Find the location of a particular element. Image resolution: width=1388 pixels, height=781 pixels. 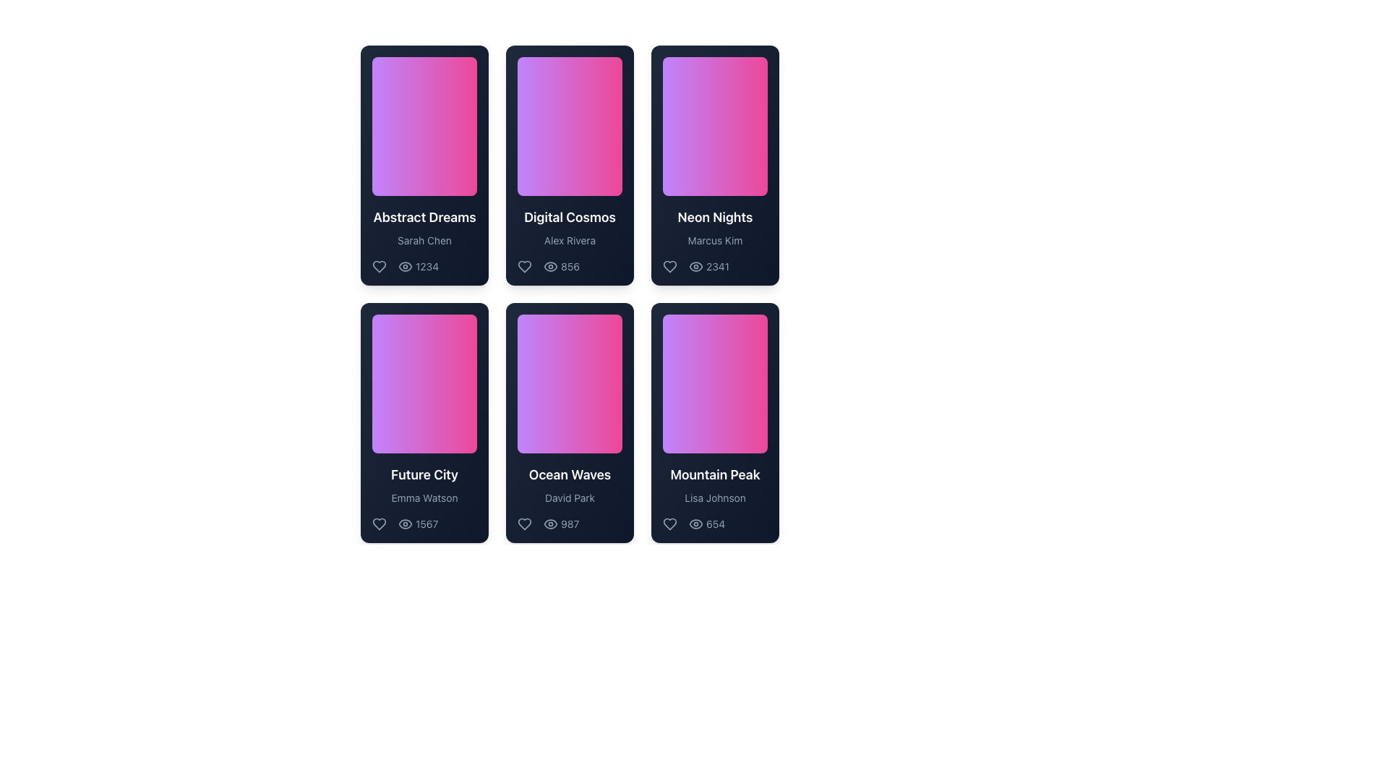

the static text element displaying the number of views or engagements associated with the 'Digital Cosmos' card, located in the second column of the top row, to the right of an eye icon is located at coordinates (547, 267).